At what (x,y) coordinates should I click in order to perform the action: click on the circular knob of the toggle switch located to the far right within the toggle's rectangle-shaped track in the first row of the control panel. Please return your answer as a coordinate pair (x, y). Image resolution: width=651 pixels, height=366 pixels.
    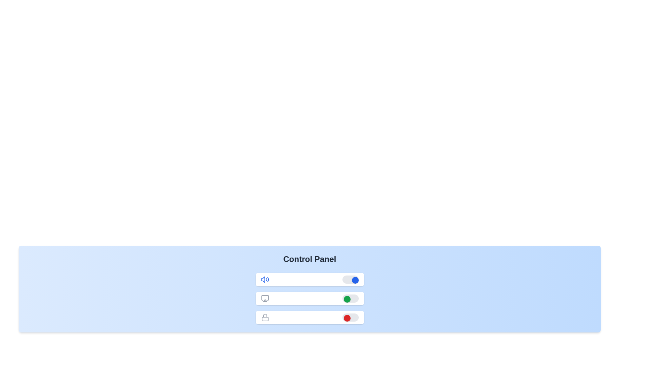
    Looking at the image, I should click on (355, 280).